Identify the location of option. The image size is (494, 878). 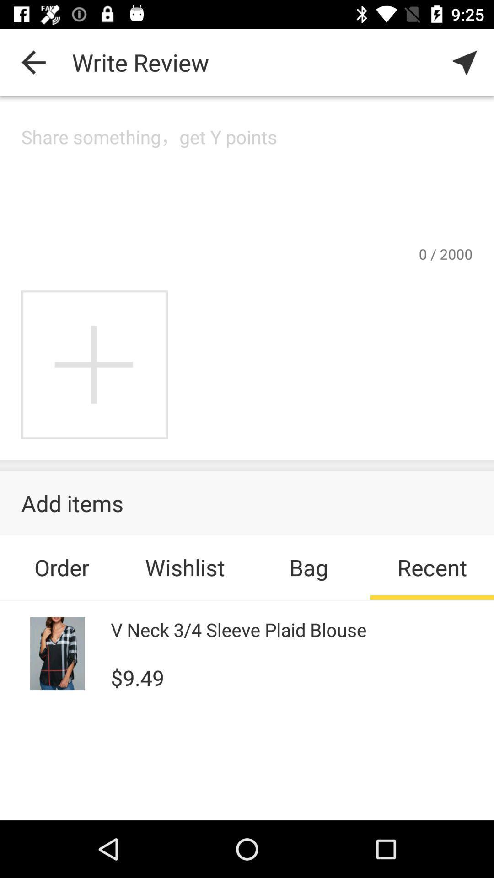
(95, 364).